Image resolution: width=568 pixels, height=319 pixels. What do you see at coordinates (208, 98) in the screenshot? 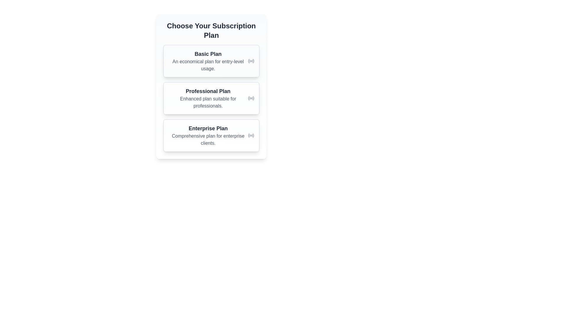
I see `the informational card displaying 'Professional Plan' with the tagline 'Enhanced plan suitable for professionals.' which is the second card in a vertical list of subscription options` at bounding box center [208, 98].